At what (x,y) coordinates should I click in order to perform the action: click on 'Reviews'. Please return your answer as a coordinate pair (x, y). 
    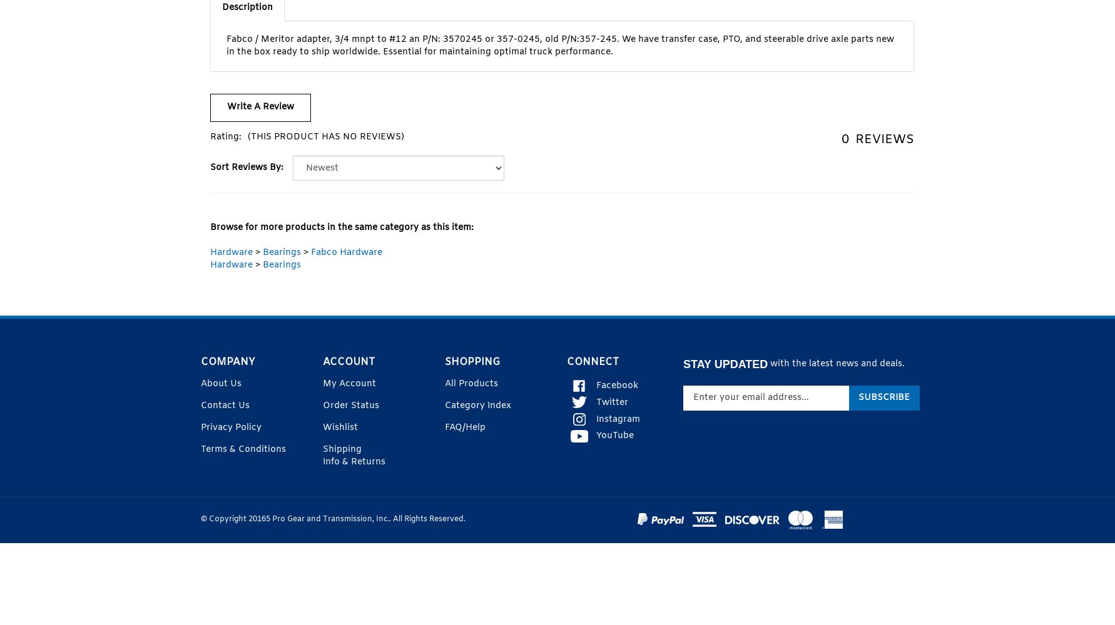
    Looking at the image, I should click on (884, 138).